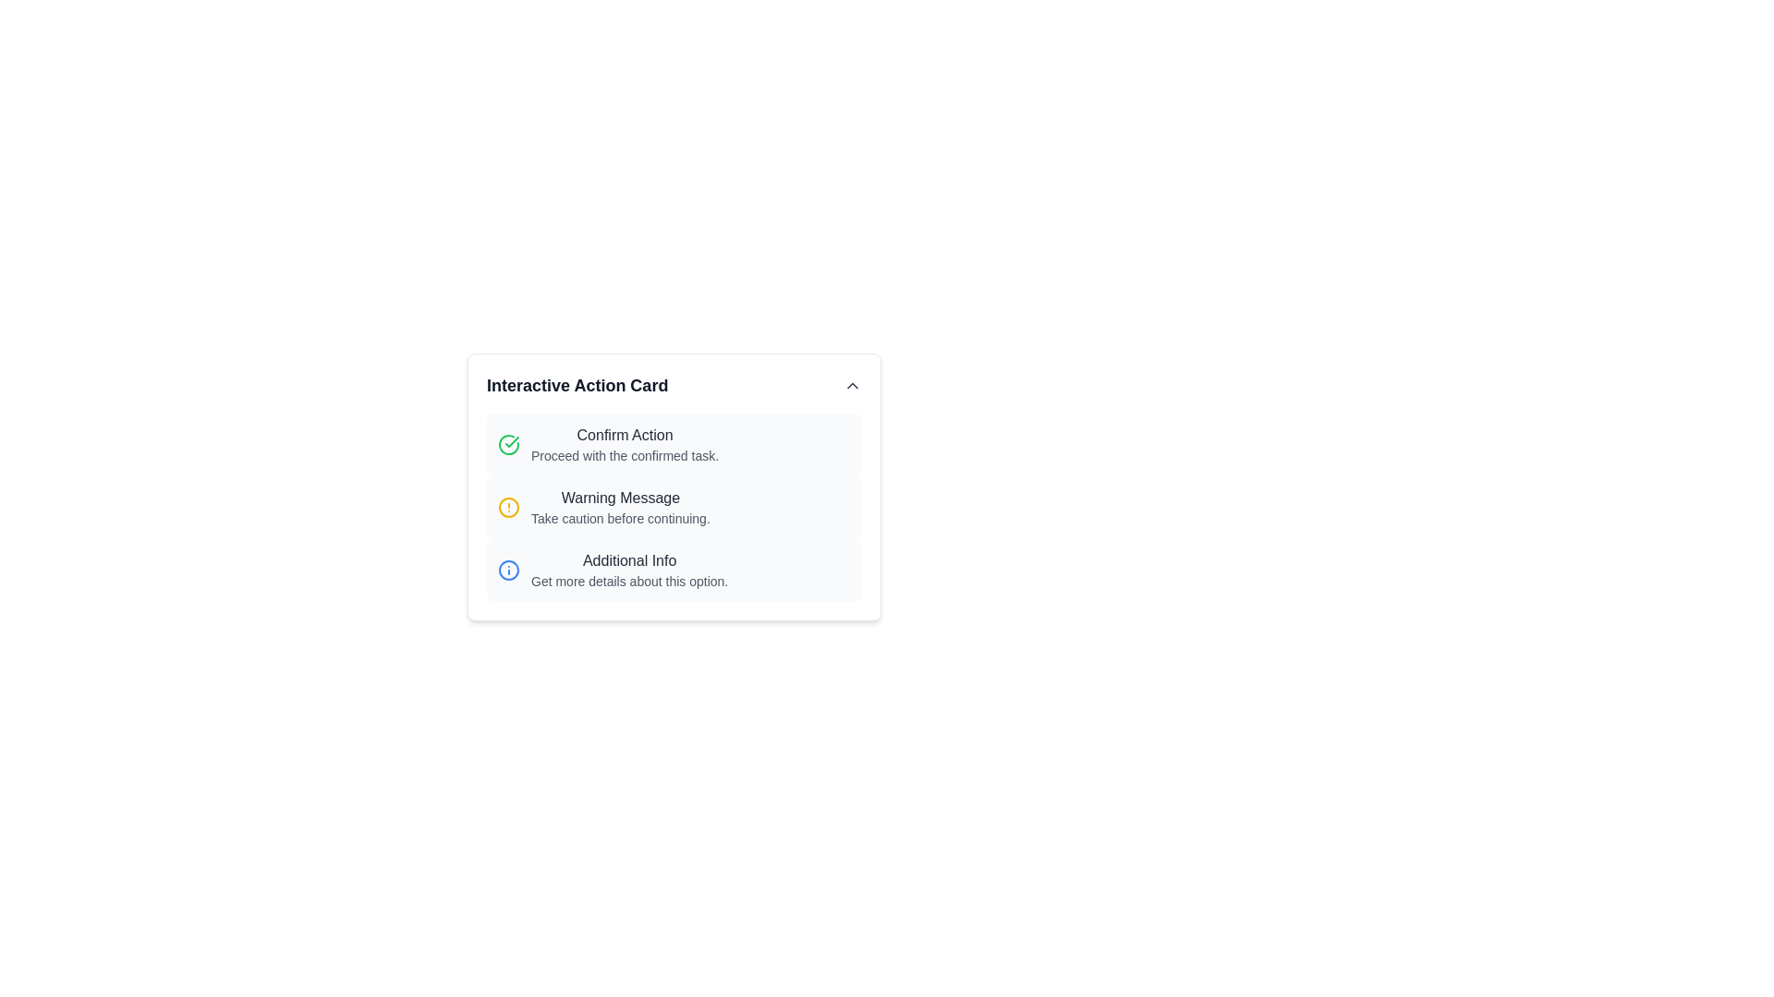 This screenshot has width=1774, height=997. What do you see at coordinates (673, 508) in the screenshot?
I see `warning message from the second informational box within the 'Interactive Action Card', which is positioned between 'Confirm Action' and 'Additional Info'` at bounding box center [673, 508].